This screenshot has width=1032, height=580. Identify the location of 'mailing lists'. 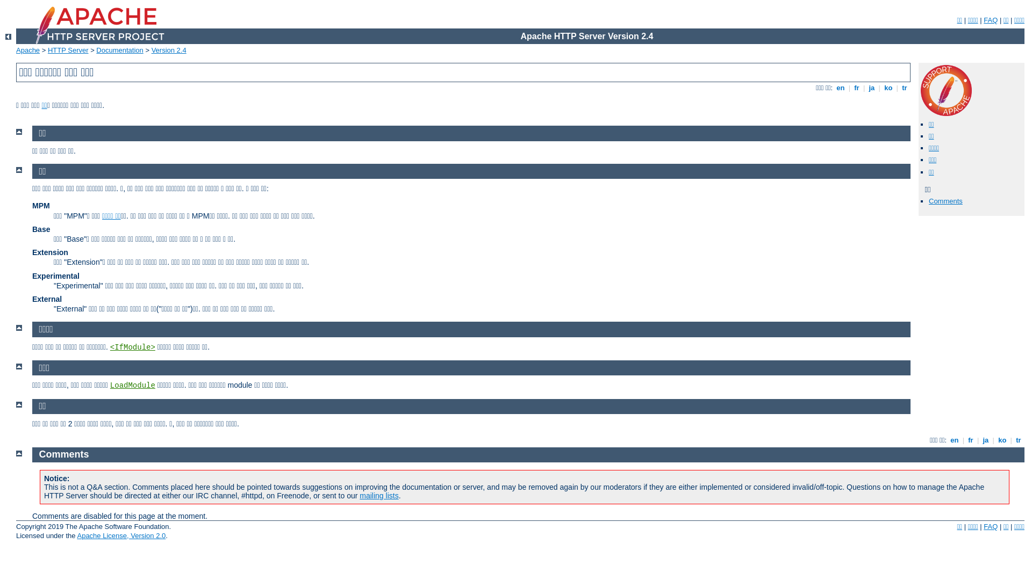
(379, 495).